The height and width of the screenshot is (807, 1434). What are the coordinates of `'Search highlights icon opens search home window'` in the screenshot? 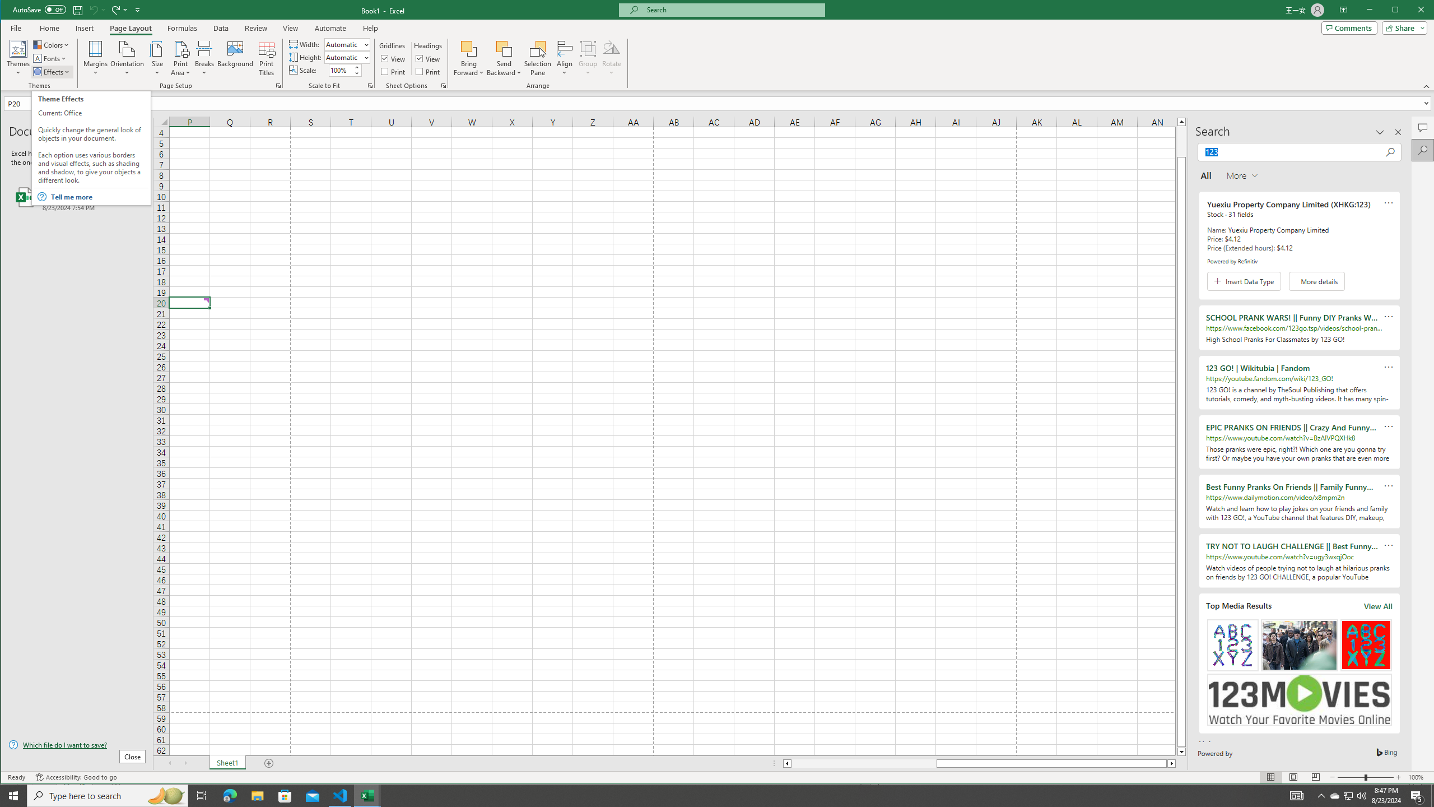 It's located at (165, 795).